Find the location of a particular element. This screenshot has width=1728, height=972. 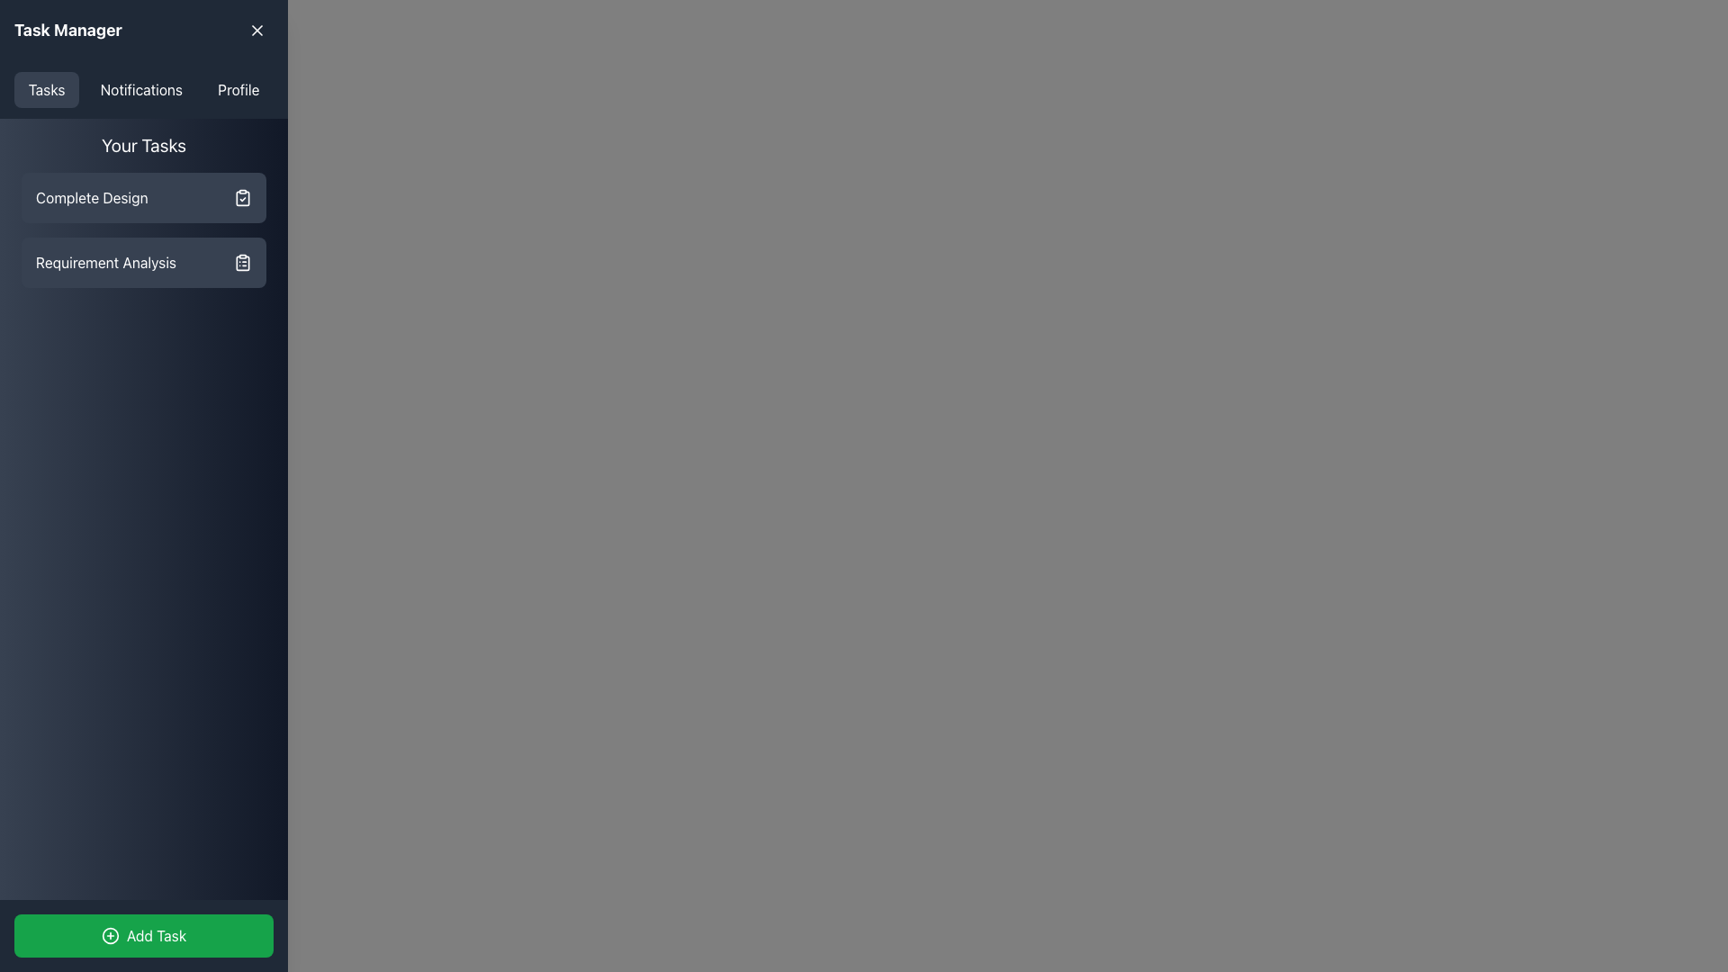

the close button located at the rightmost end of the 'Task Manager' sidebar header to activate the background highlight is located at coordinates (256, 31).